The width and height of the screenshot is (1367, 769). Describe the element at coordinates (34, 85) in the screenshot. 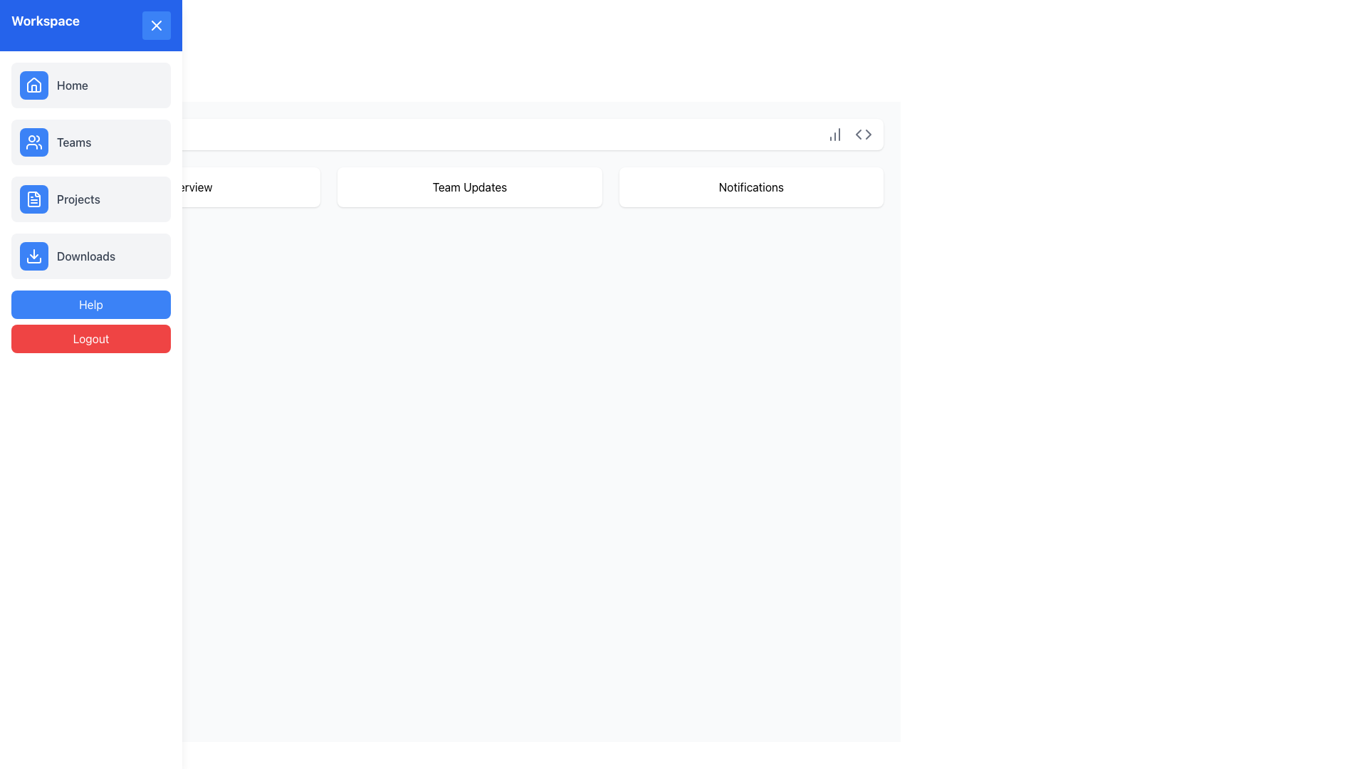

I see `the first button in the left navigation panel` at that location.